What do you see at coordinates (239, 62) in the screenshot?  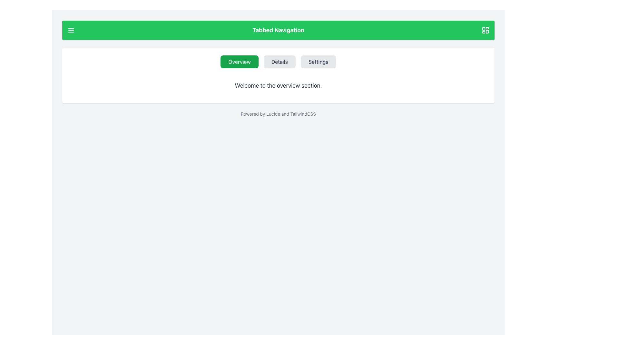 I see `the rounded green button labeled 'Overview' to trigger the hover effect, which changes its background color` at bounding box center [239, 62].